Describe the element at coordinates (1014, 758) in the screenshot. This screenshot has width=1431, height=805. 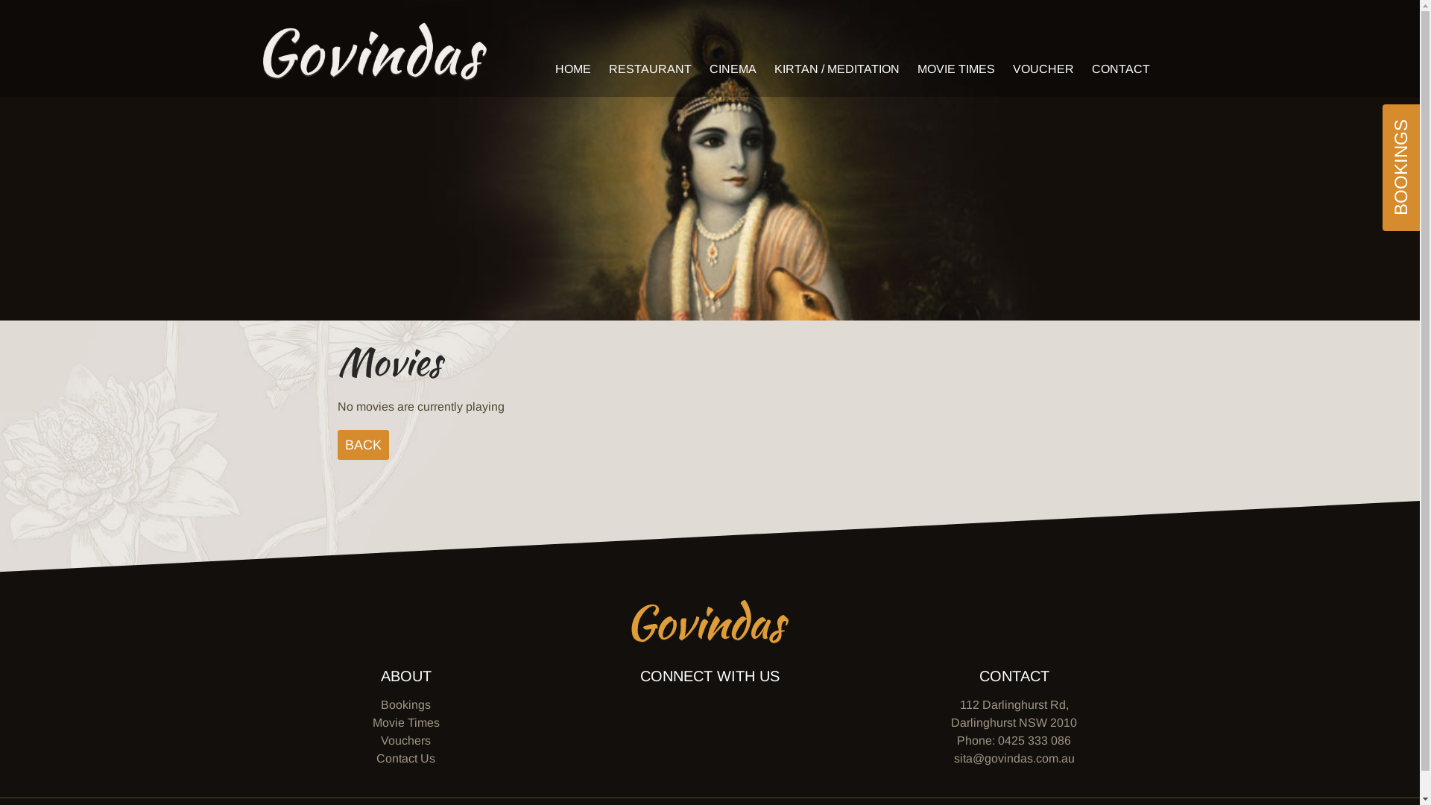
I see `'sita@govindas.com.au'` at that location.